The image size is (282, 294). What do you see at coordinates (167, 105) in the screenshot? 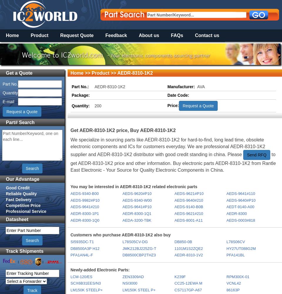
I see `'Price:'` at bounding box center [167, 105].